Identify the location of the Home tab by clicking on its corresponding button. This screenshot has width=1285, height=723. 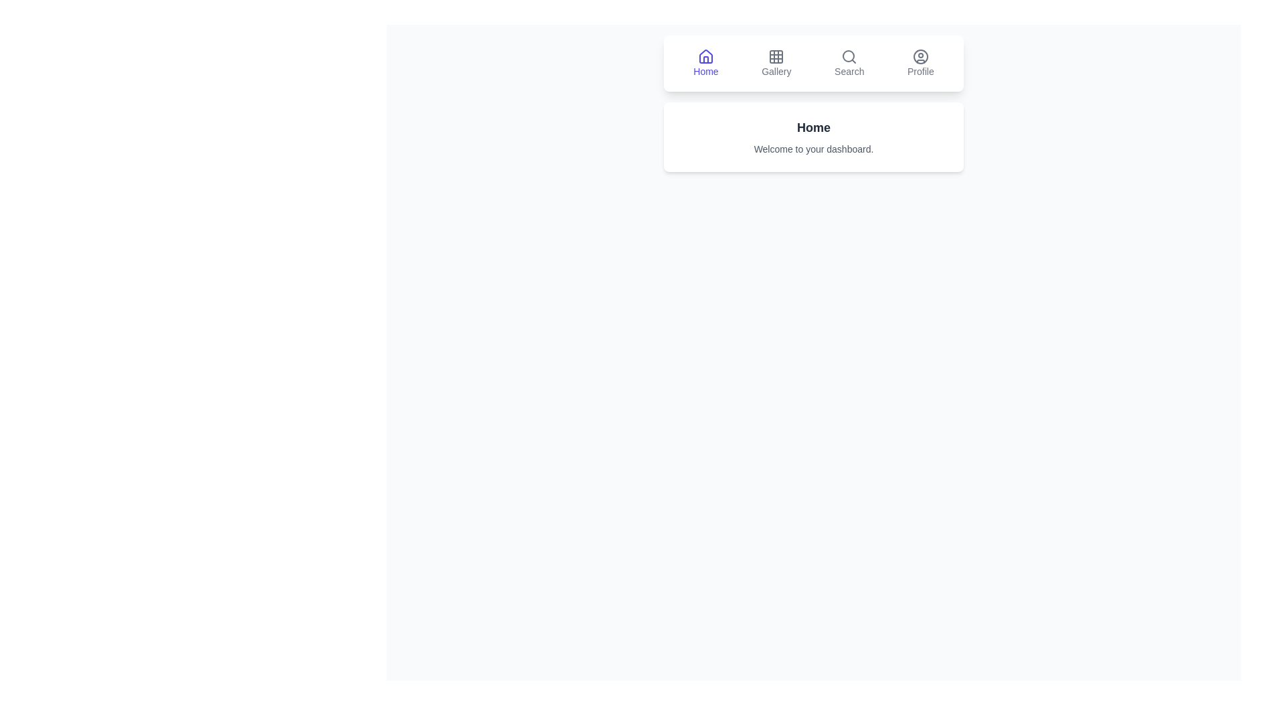
(705, 64).